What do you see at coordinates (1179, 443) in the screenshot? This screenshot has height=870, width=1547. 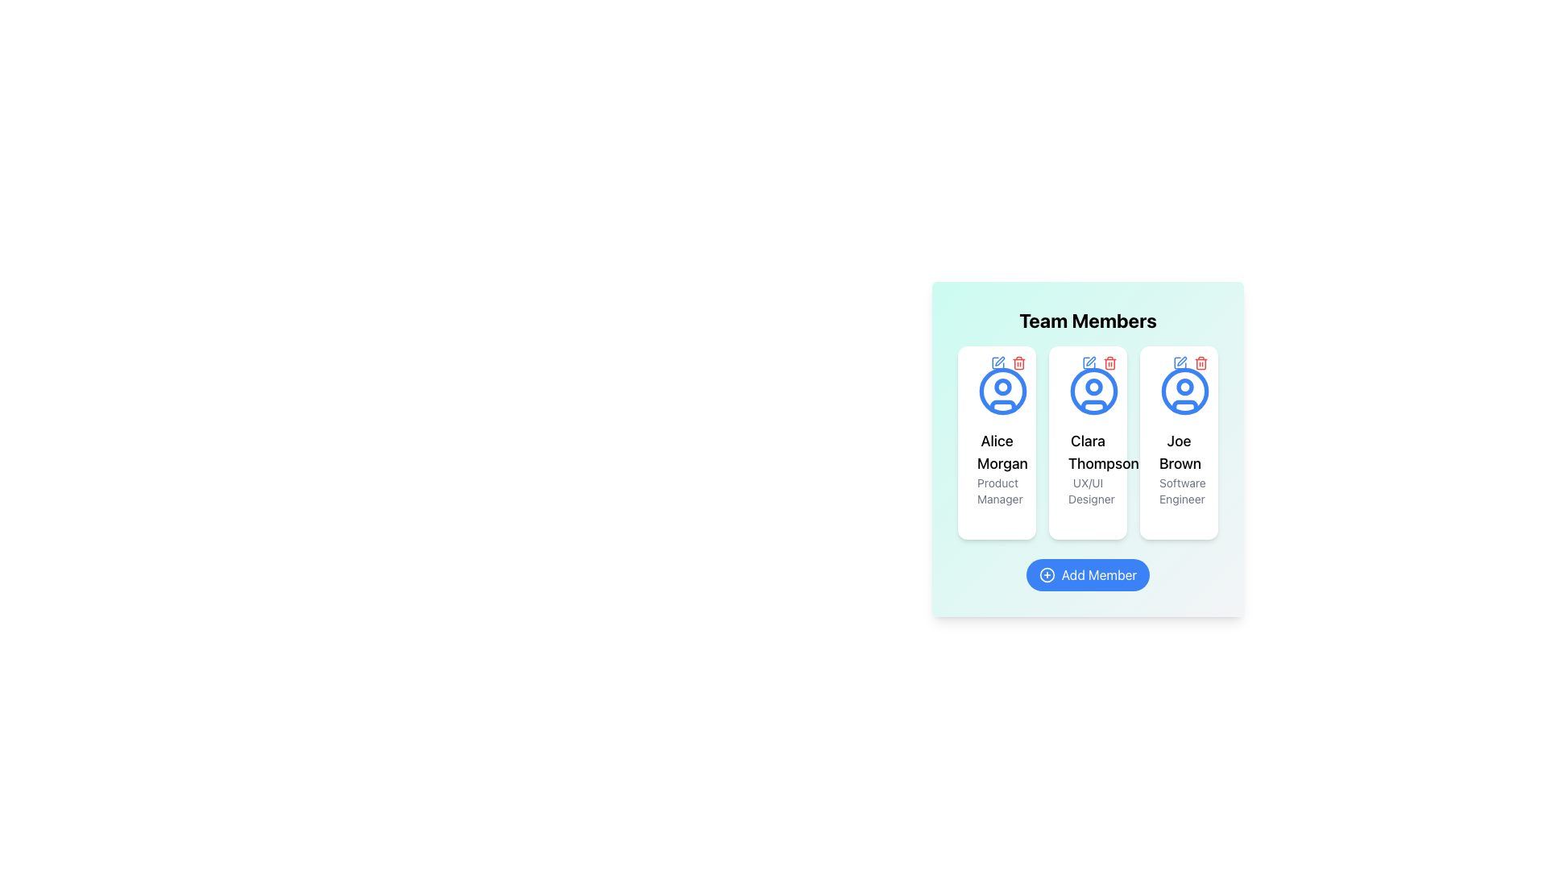 I see `the Information card containing the user icon for 'Joe Brown', a Software Engineer, located on the right-hand side of the row in the 'Team Members' section` at bounding box center [1179, 443].